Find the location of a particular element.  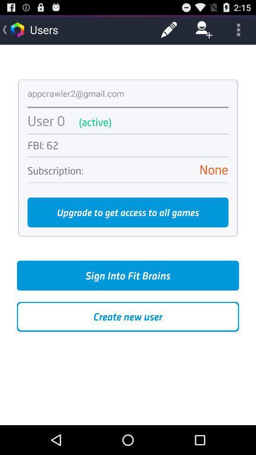

the (active) app is located at coordinates (158, 121).